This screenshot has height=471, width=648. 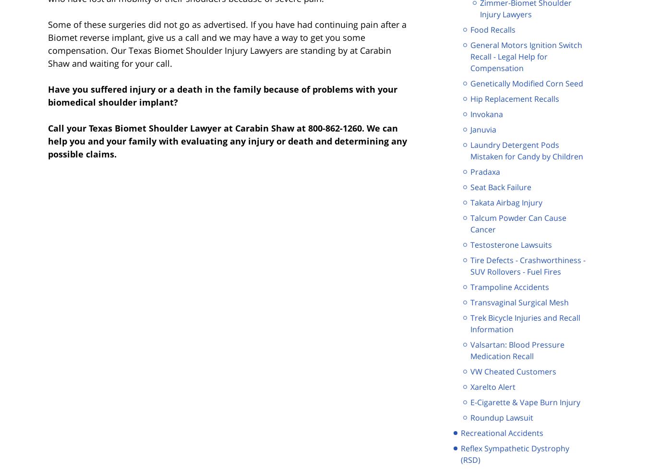 I want to click on 'E-Cigarette & Vape Burn Injury', so click(x=525, y=401).